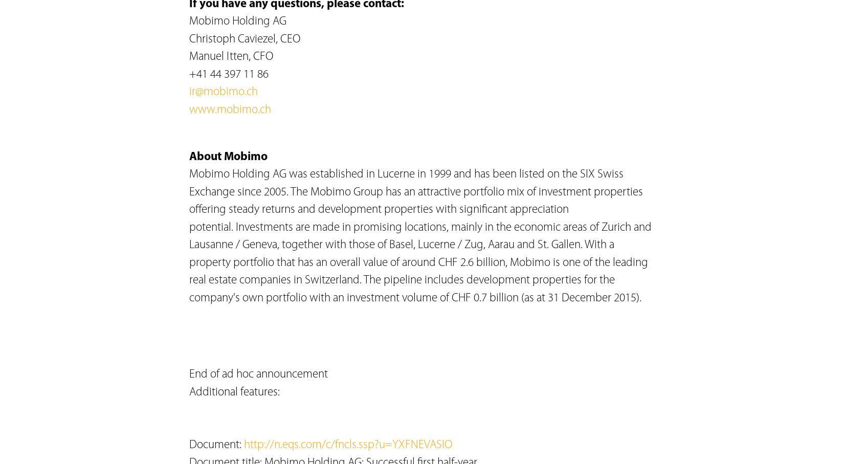 The height and width of the screenshot is (464, 844). Describe the element at coordinates (258, 374) in the screenshot. I see `'End of ad hoc announcement'` at that location.